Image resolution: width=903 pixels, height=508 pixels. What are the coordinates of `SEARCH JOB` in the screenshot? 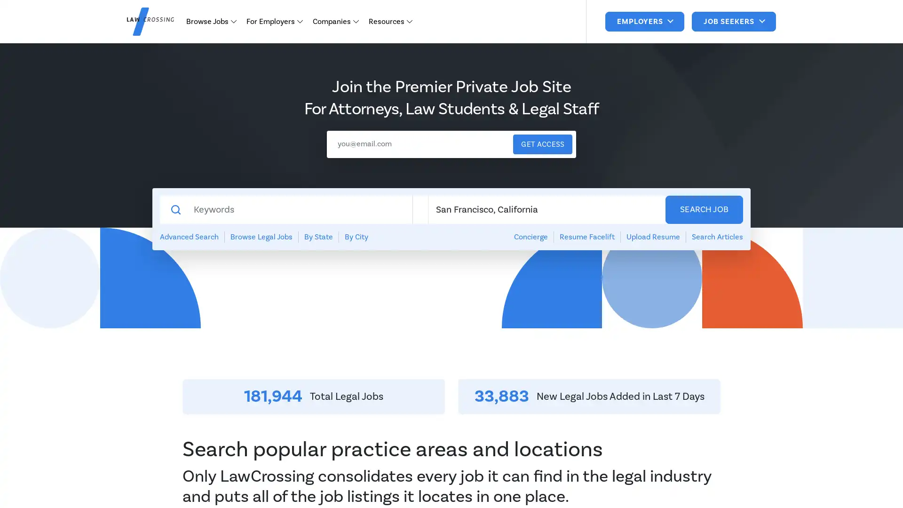 It's located at (704, 209).